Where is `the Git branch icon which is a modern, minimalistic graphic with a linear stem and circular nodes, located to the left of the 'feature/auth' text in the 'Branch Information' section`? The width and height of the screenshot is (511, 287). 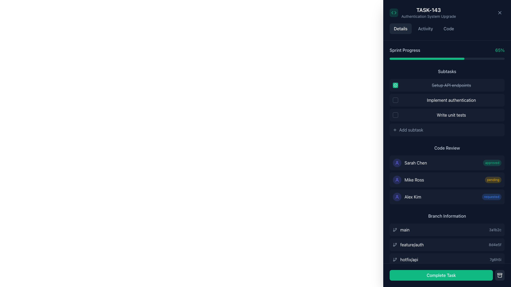 the Git branch icon which is a modern, minimalistic graphic with a linear stem and circular nodes, located to the left of the 'feature/auth' text in the 'Branch Information' section is located at coordinates (395, 245).